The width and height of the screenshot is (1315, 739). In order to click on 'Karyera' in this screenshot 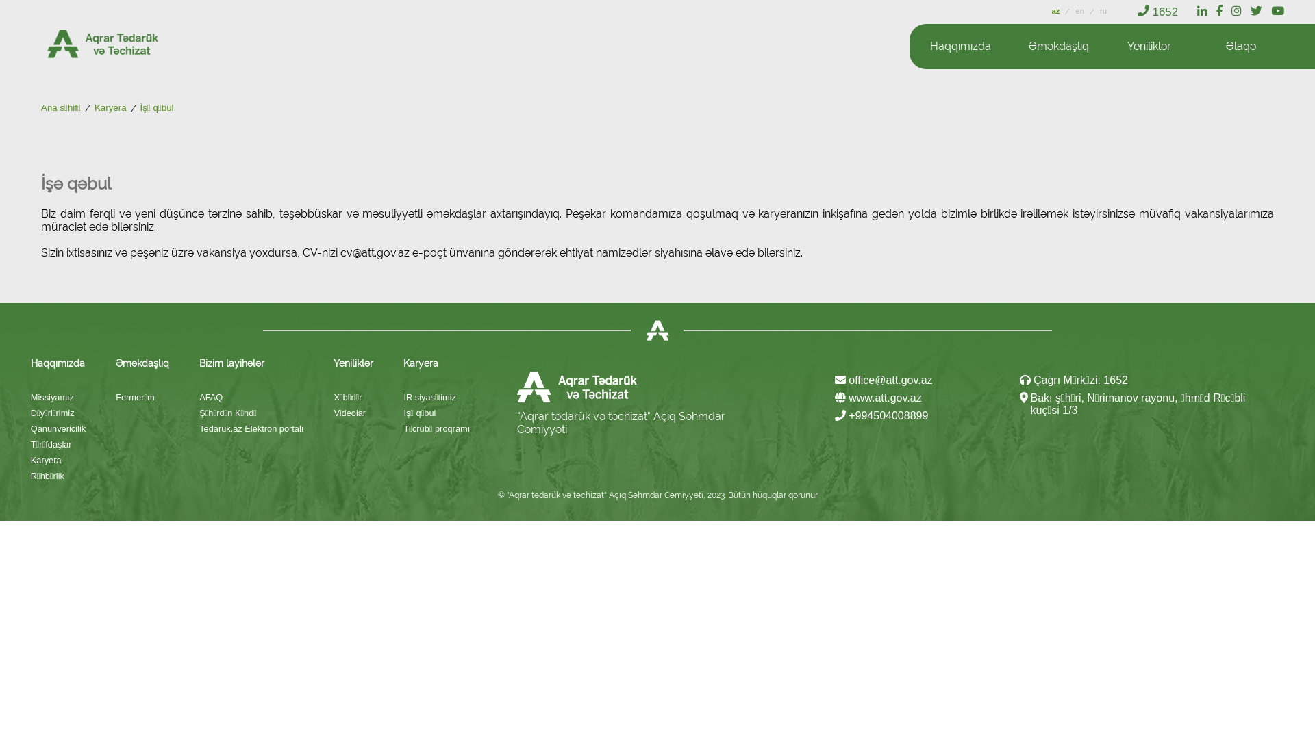, I will do `click(94, 107)`.